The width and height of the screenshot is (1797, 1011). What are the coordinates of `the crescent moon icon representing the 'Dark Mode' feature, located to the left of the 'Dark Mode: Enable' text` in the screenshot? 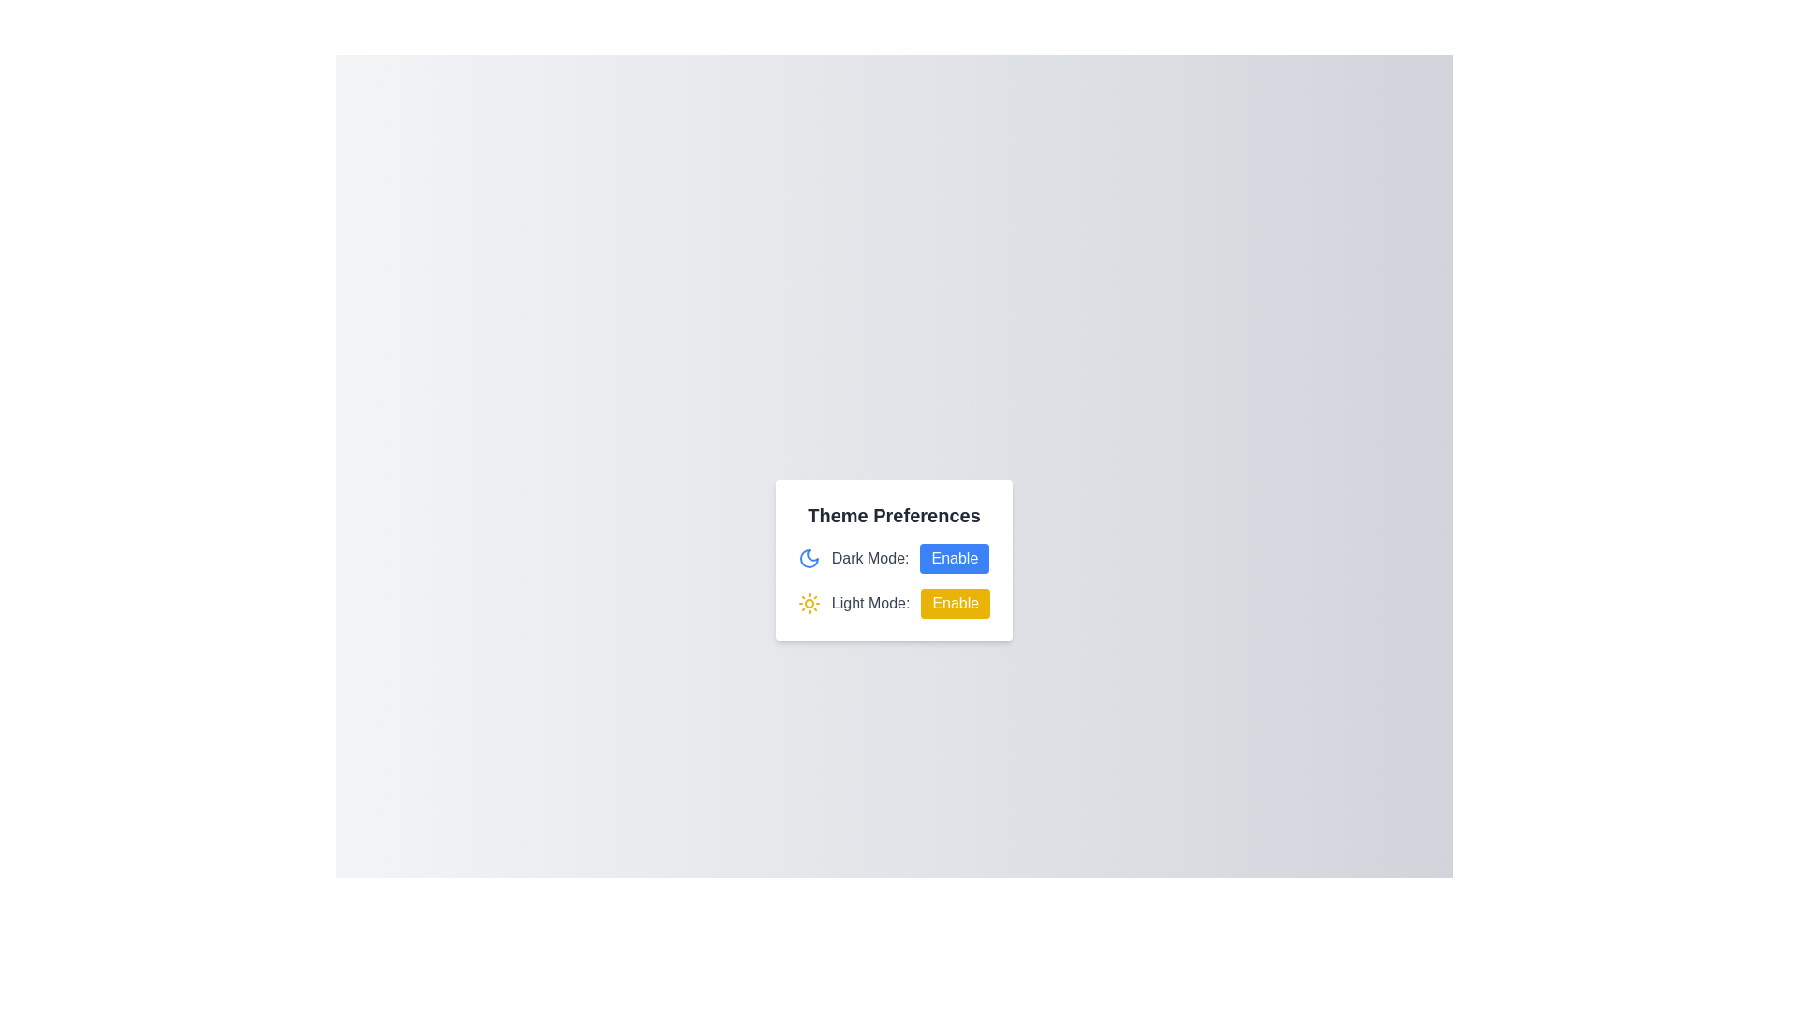 It's located at (809, 558).